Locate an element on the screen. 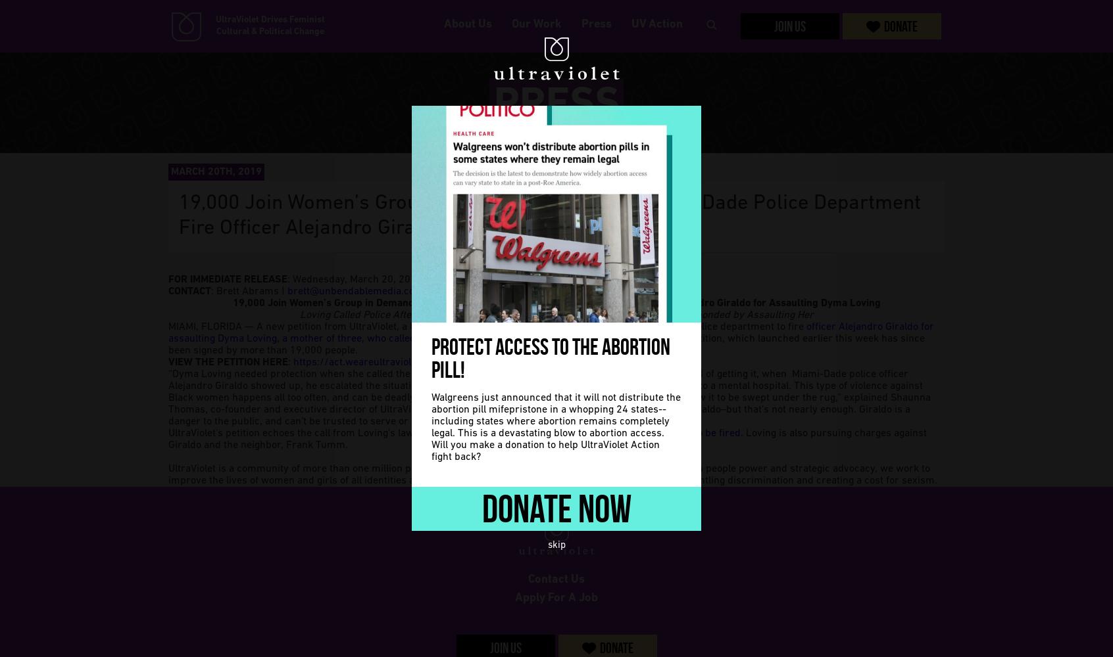 The width and height of the screenshot is (1113, 657). 'March 20th, 2019' is located at coordinates (215, 172).